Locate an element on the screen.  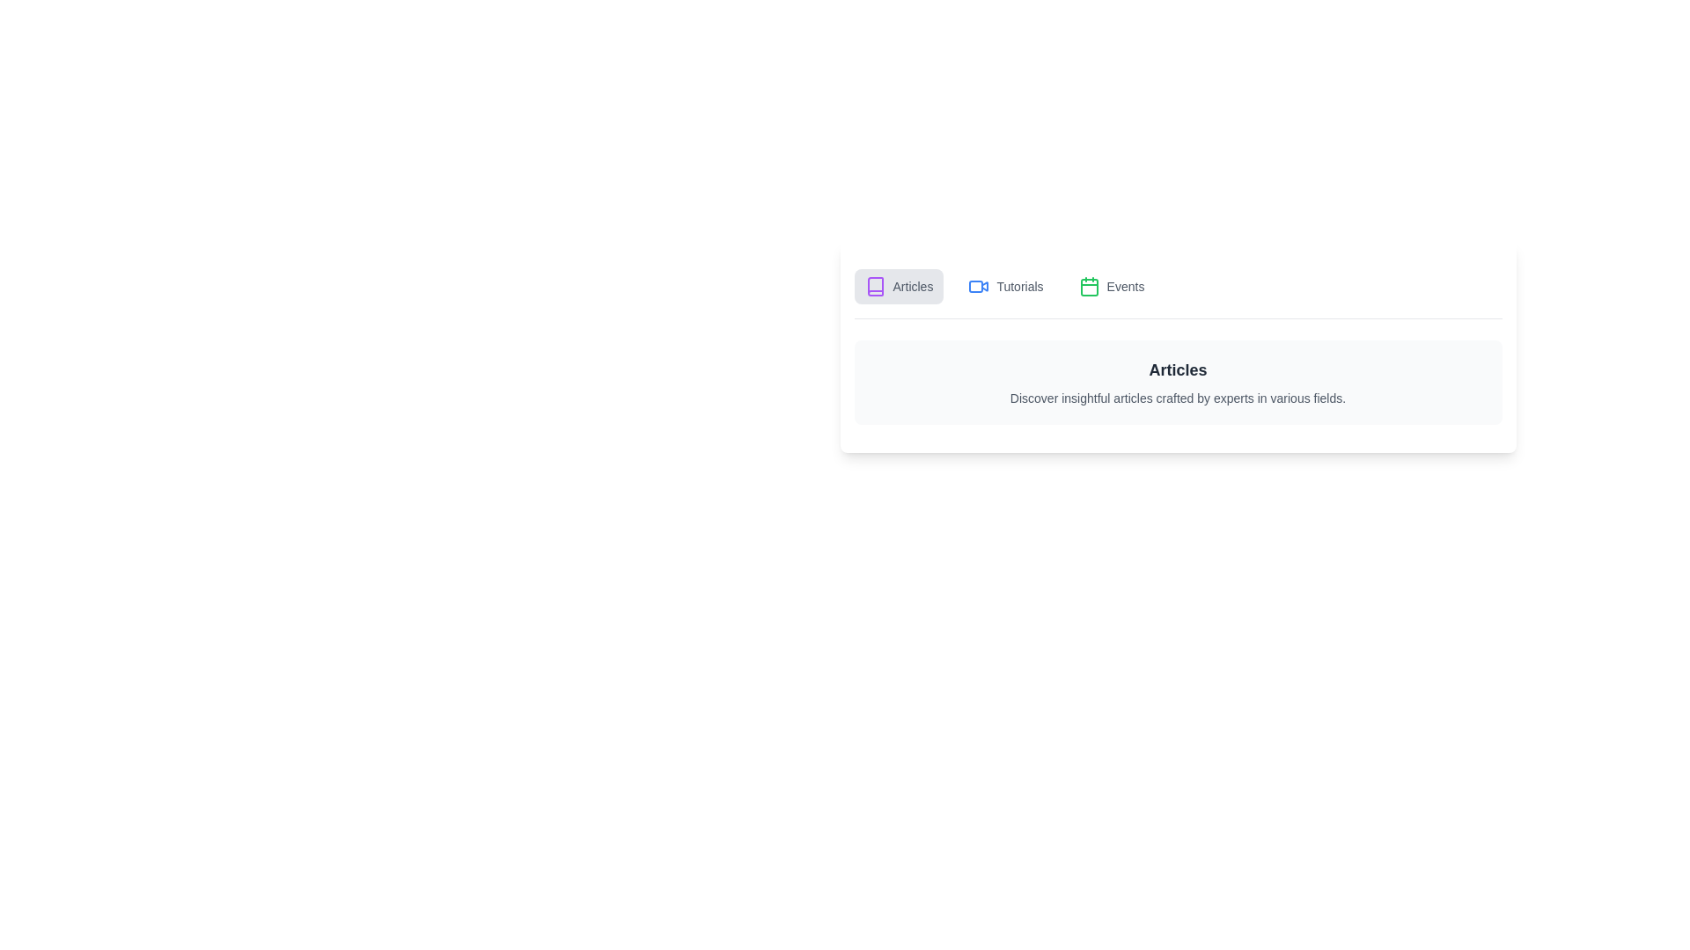
the tab corresponding to Tutorials is located at coordinates (1005, 286).